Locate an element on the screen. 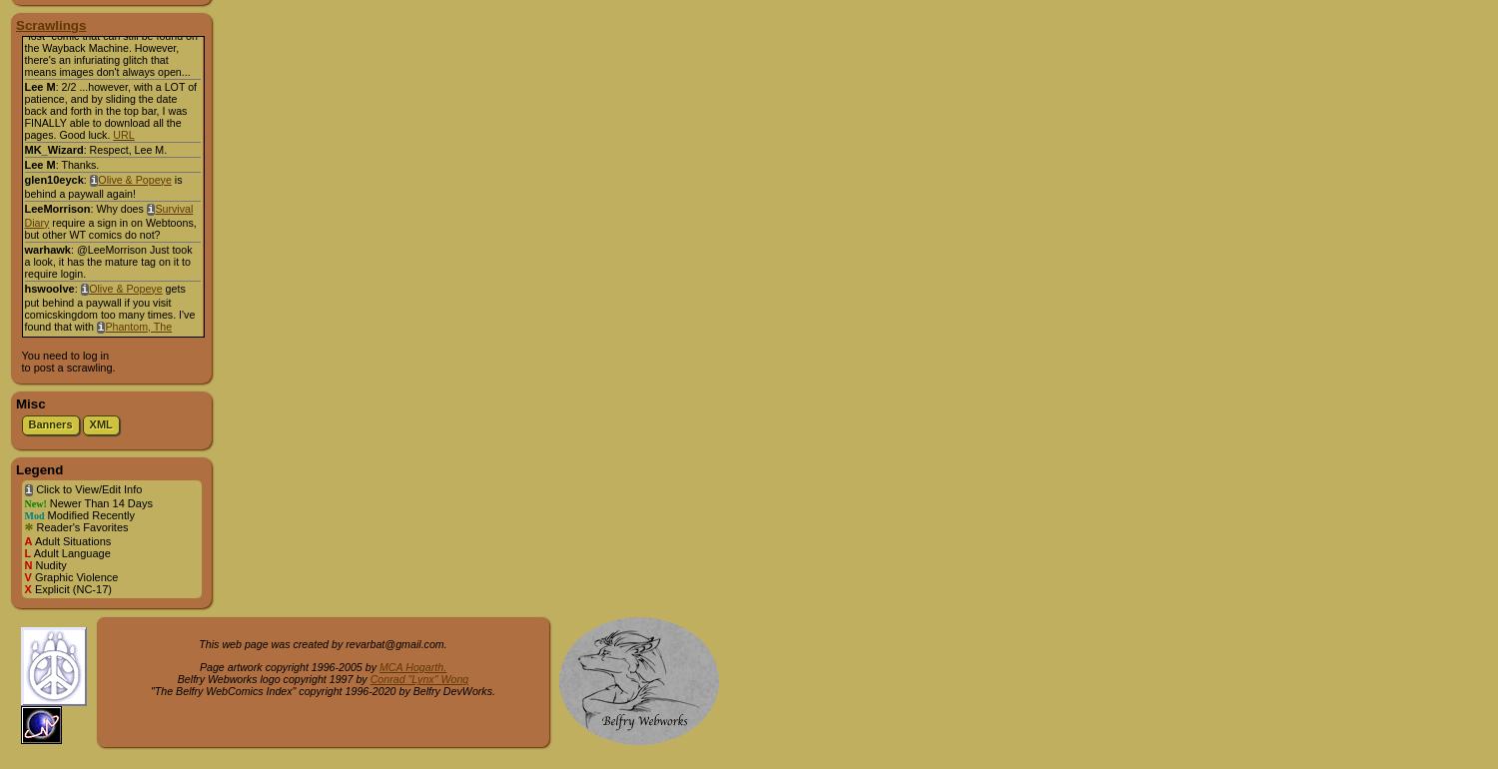 Image resolution: width=1498 pixels, height=769 pixels. 'warhawk' is located at coordinates (46, 248).